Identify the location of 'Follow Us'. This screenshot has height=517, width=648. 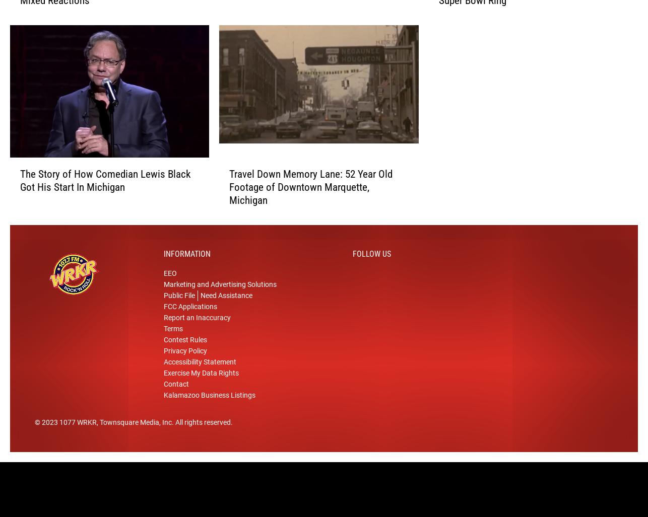
(372, 264).